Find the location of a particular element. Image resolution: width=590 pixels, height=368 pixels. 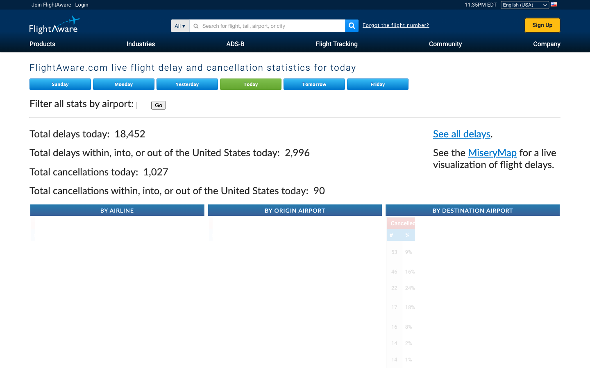

Review real-time flight delay and cancellation stats for Monday on Flight Aware is located at coordinates (125, 84).